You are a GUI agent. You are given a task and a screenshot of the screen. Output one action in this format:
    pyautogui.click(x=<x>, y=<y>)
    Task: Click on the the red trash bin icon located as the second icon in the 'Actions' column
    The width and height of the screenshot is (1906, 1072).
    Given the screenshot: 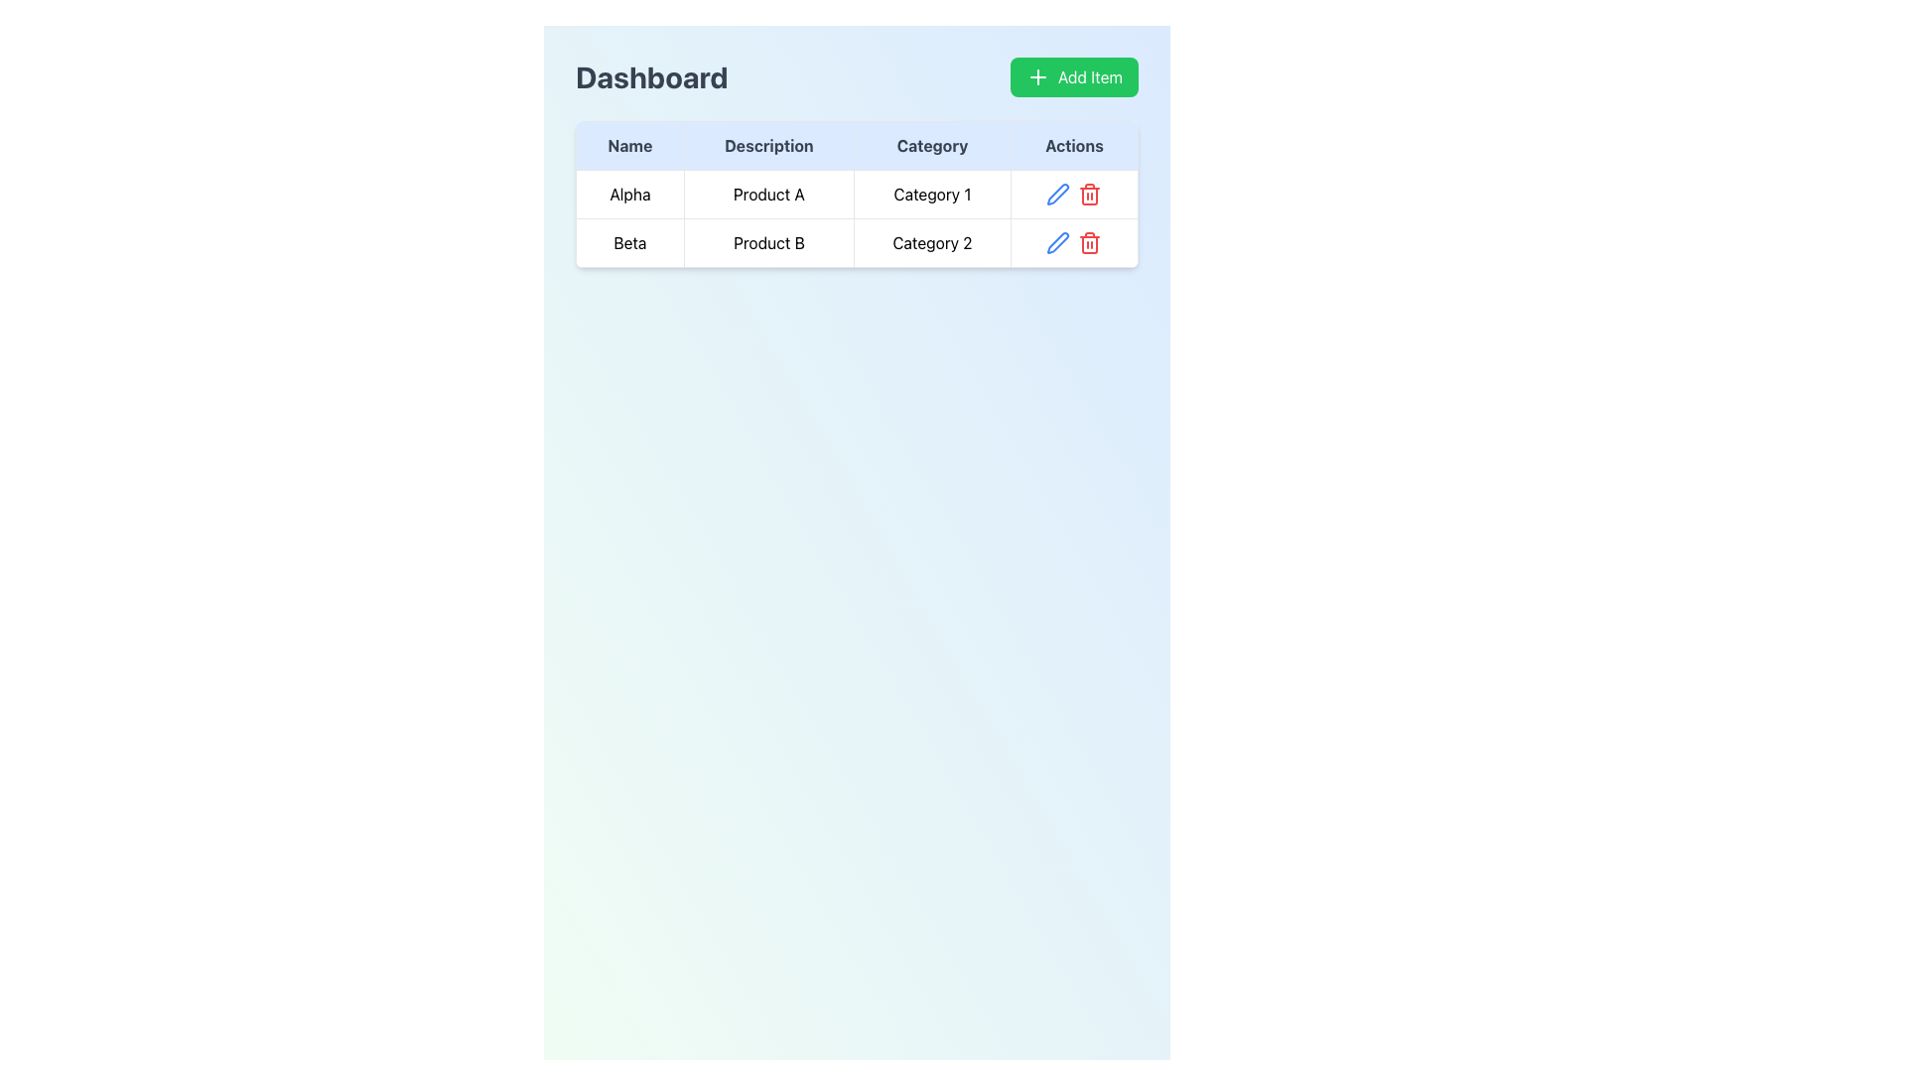 What is the action you would take?
    pyautogui.click(x=1089, y=195)
    